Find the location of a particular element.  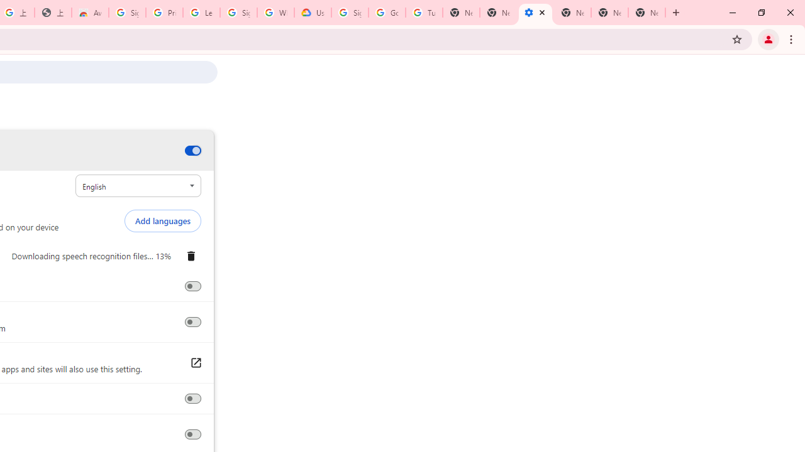

'Who are Google' is located at coordinates (275, 13).